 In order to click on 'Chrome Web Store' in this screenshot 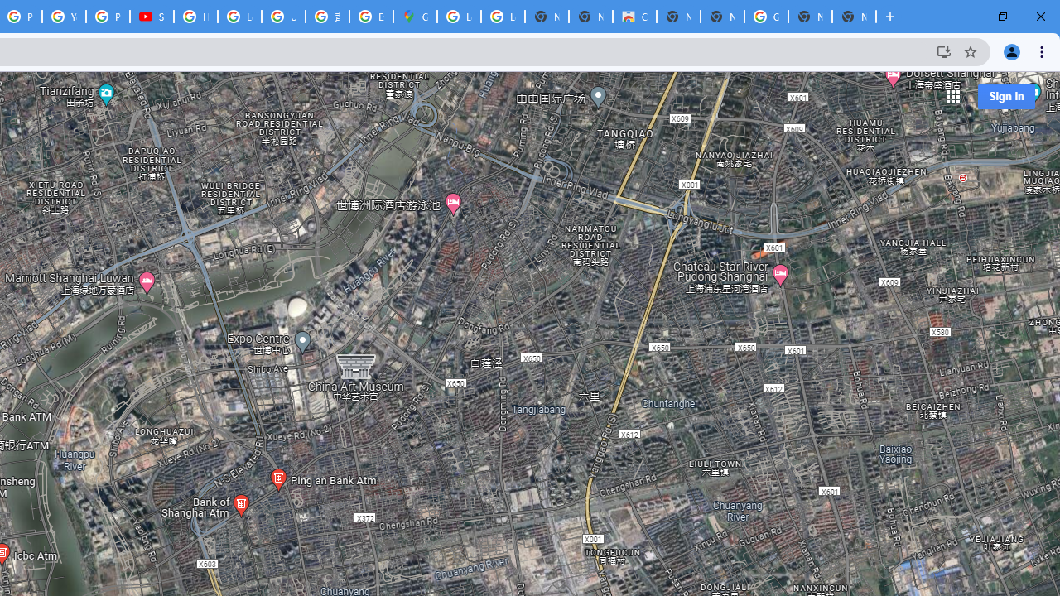, I will do `click(634, 17)`.